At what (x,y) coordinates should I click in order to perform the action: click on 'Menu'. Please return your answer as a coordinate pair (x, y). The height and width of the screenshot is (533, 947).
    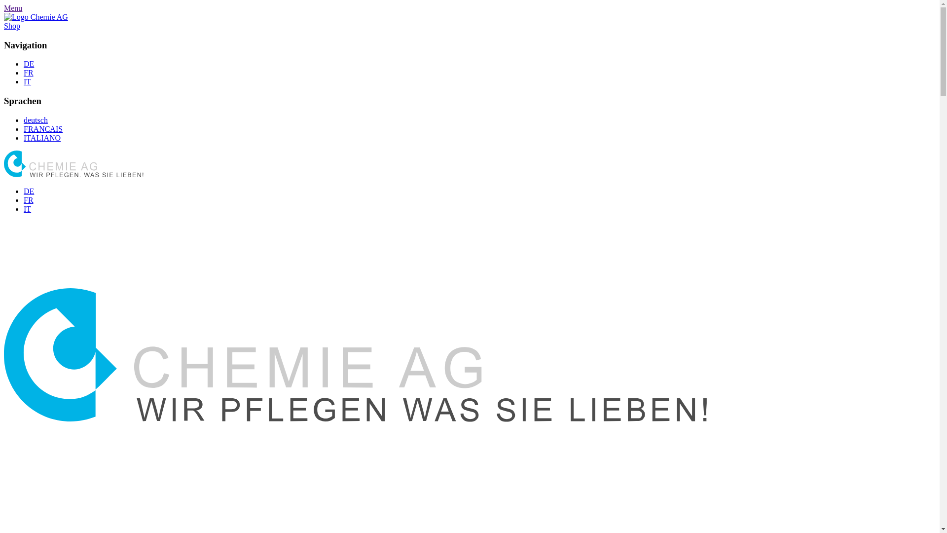
    Looking at the image, I should click on (13, 8).